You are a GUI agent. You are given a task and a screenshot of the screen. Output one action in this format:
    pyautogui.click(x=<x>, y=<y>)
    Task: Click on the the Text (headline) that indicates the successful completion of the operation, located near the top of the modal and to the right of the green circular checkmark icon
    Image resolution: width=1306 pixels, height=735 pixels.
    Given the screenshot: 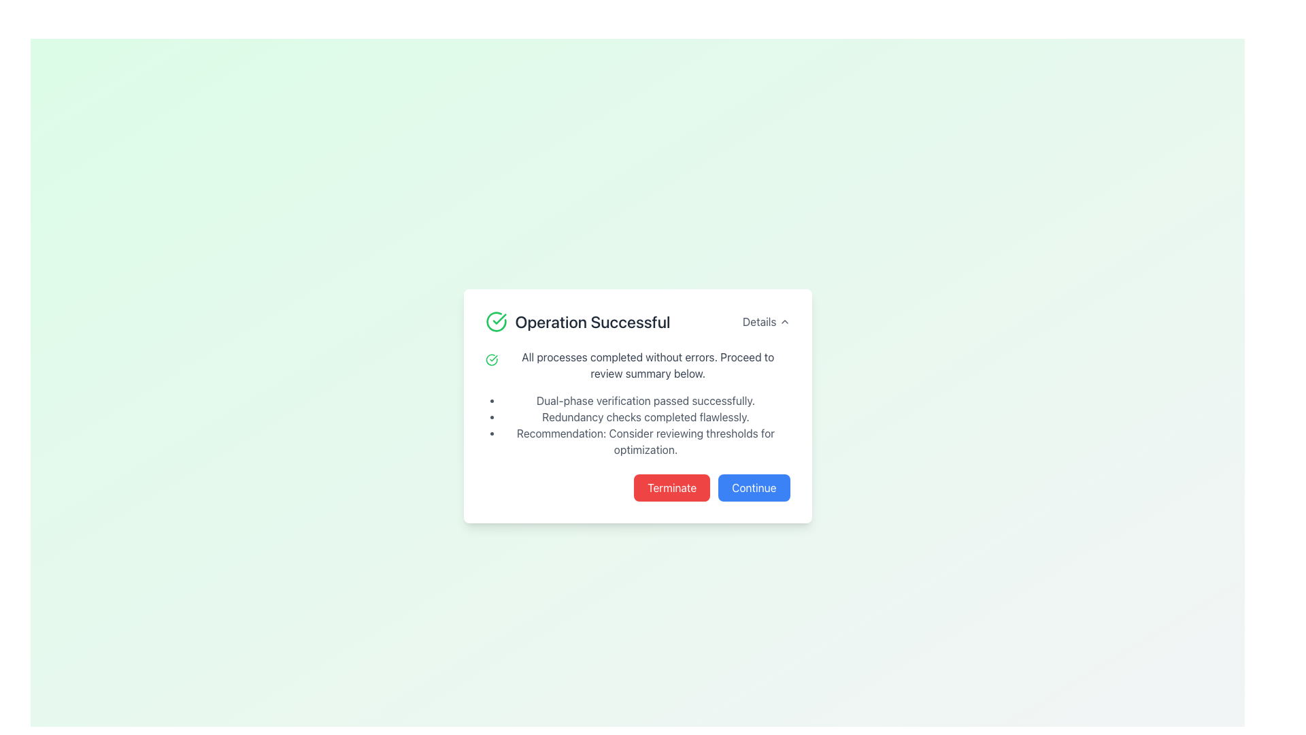 What is the action you would take?
    pyautogui.click(x=592, y=322)
    